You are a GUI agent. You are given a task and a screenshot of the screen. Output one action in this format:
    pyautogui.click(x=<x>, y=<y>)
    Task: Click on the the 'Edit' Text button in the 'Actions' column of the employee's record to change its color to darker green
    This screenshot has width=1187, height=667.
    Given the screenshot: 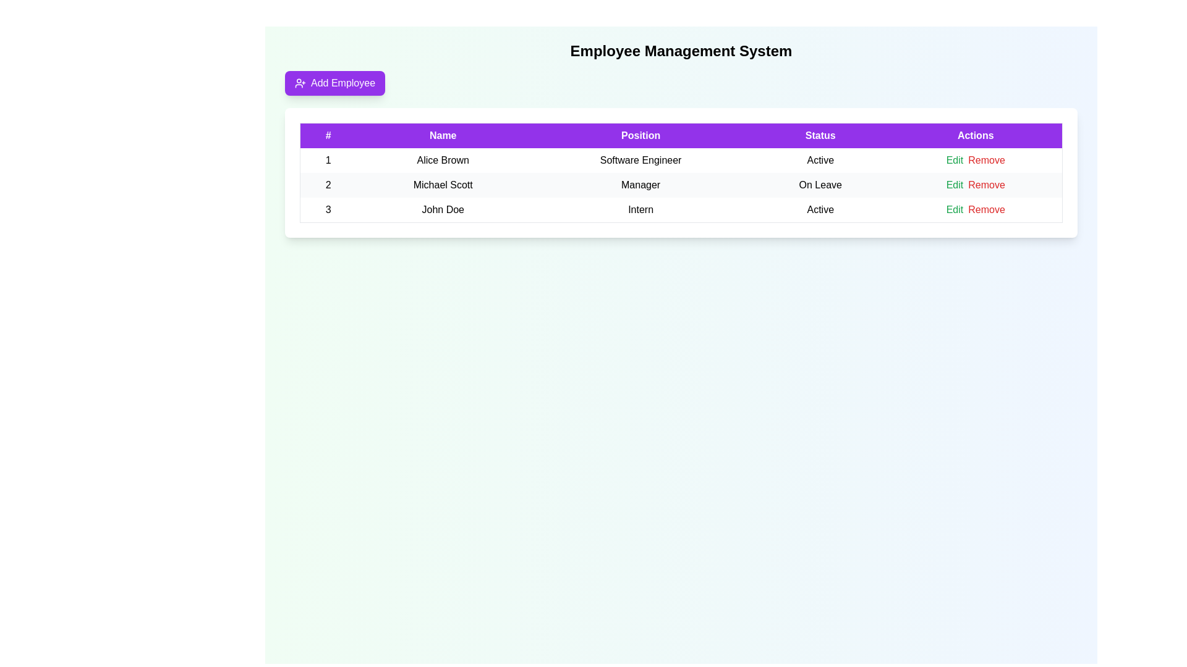 What is the action you would take?
    pyautogui.click(x=954, y=159)
    